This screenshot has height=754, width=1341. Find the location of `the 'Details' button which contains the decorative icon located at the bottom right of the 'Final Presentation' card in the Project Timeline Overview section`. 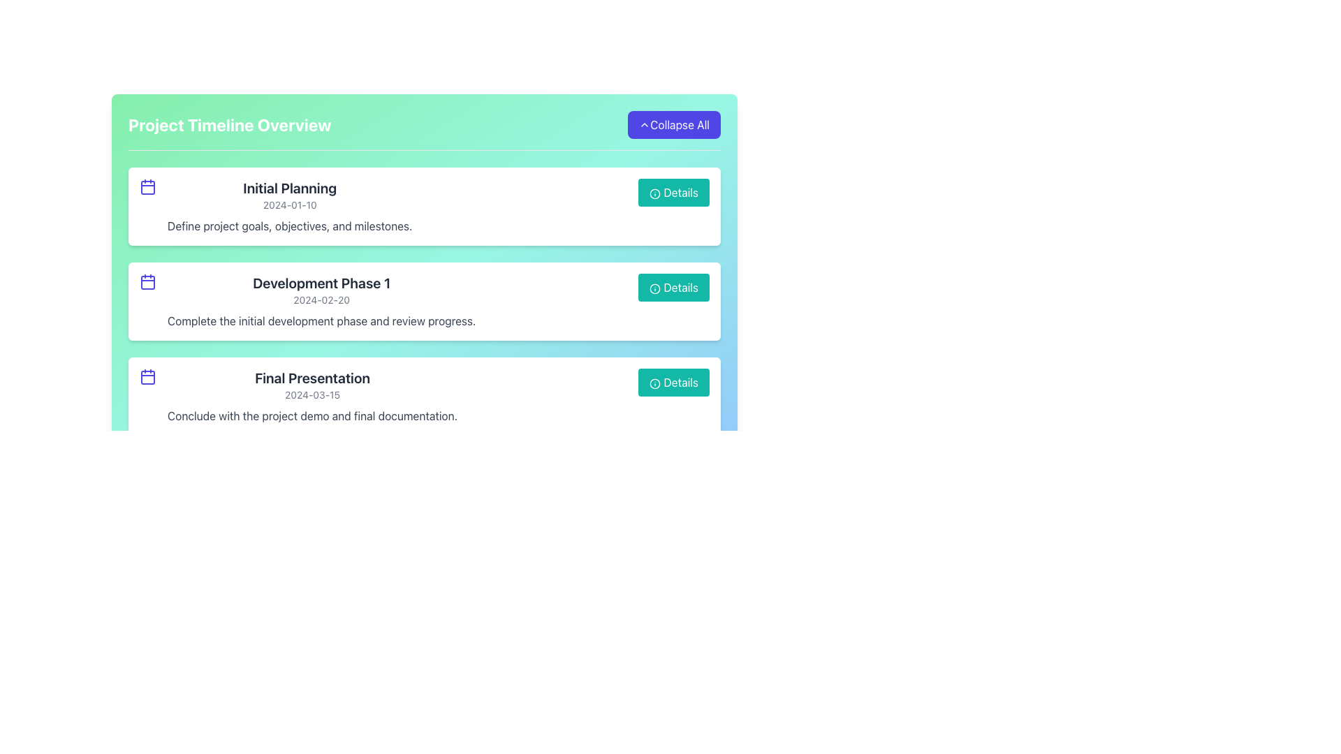

the 'Details' button which contains the decorative icon located at the bottom right of the 'Final Presentation' card in the Project Timeline Overview section is located at coordinates (654, 383).